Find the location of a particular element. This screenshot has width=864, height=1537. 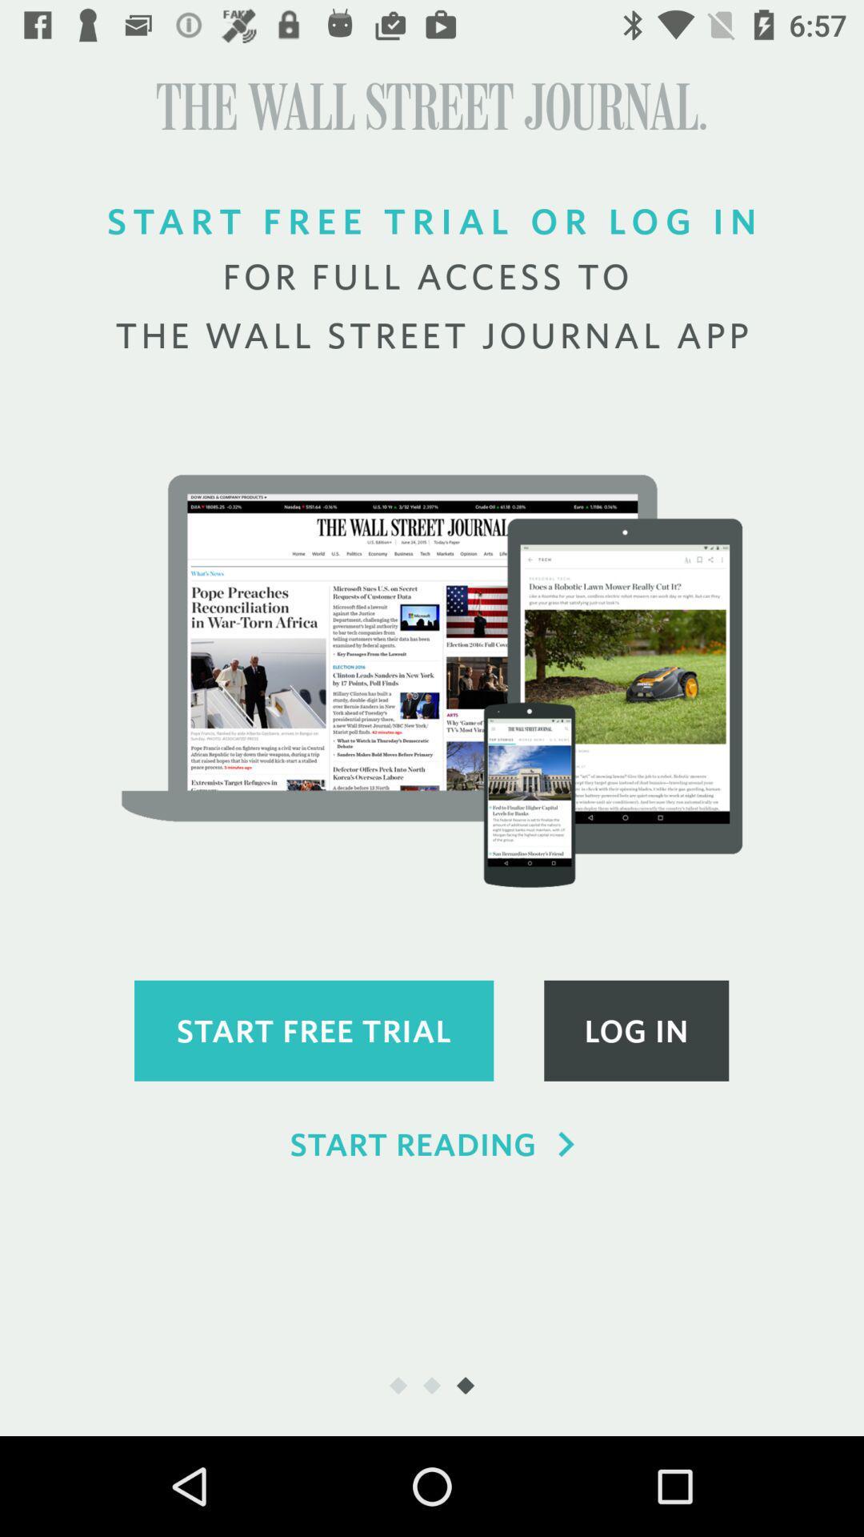

the third slider is located at coordinates (466, 1385).